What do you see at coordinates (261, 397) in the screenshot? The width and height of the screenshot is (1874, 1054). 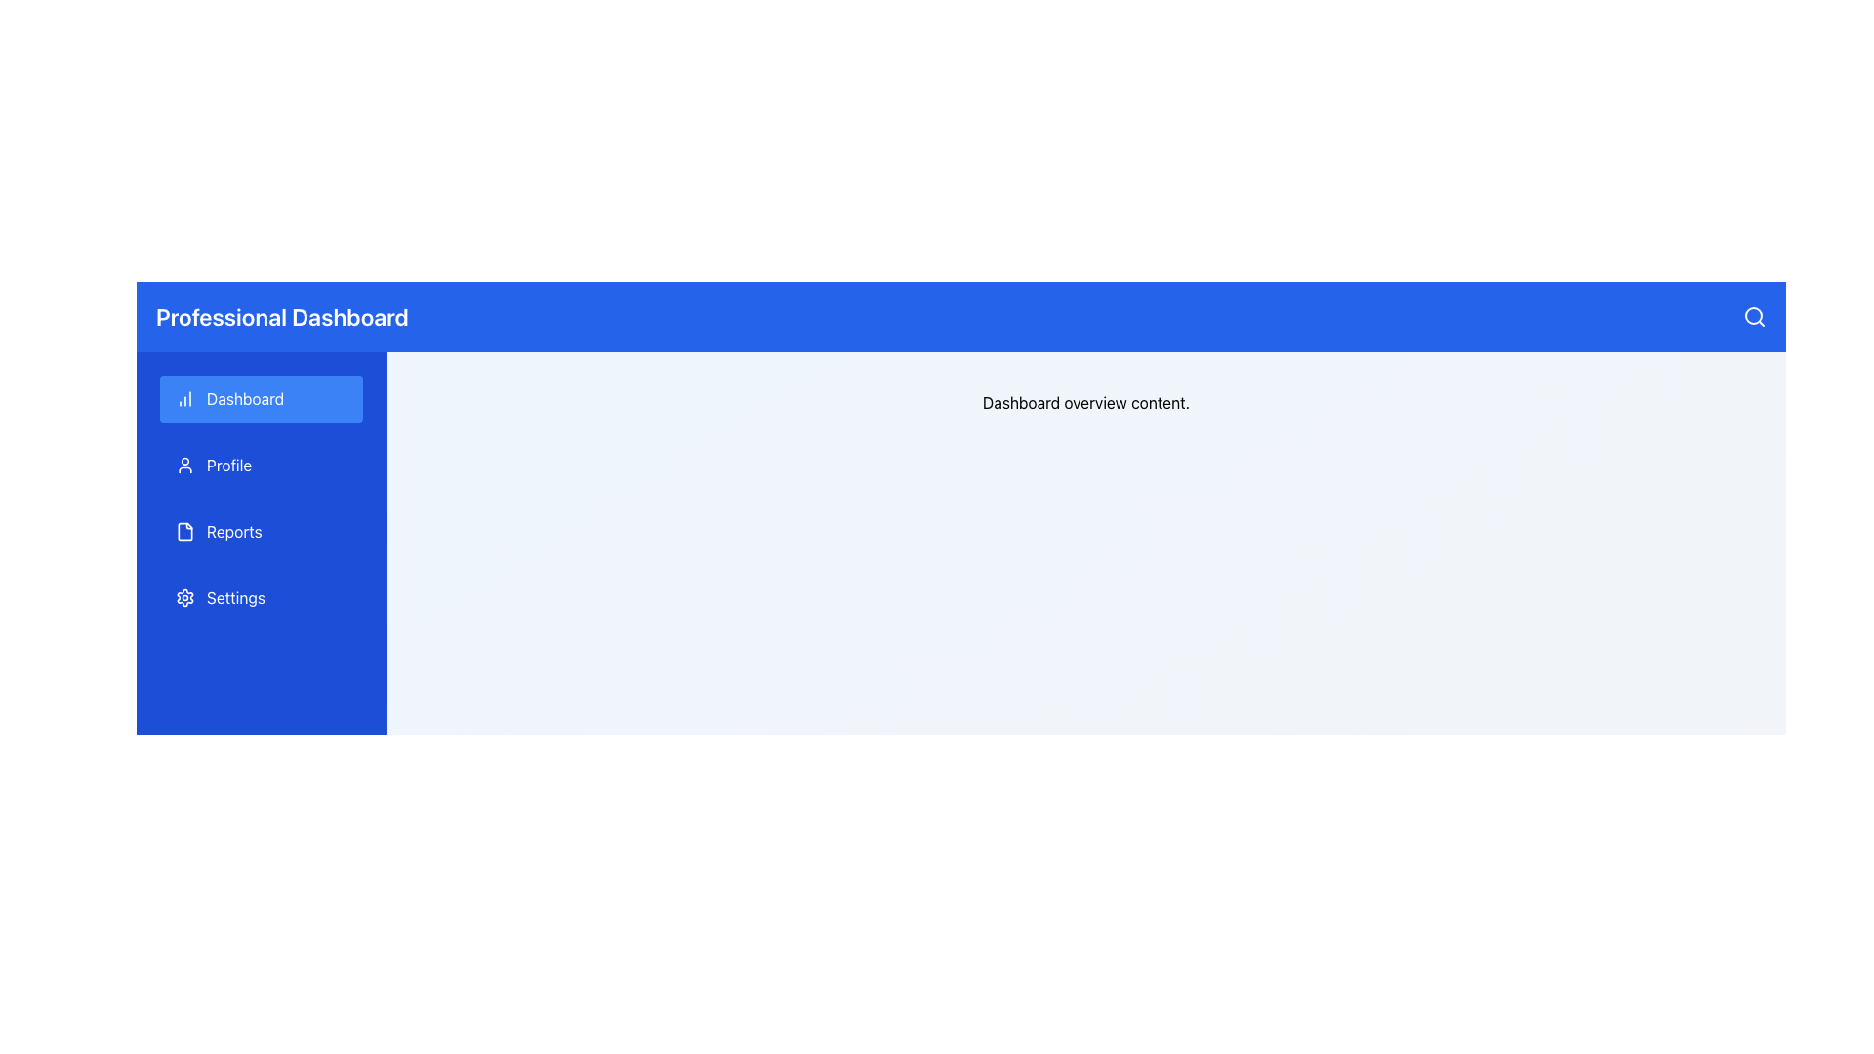 I see `the blue rectangular button labeled 'Dashboard' in the vertical navigation menu` at bounding box center [261, 397].